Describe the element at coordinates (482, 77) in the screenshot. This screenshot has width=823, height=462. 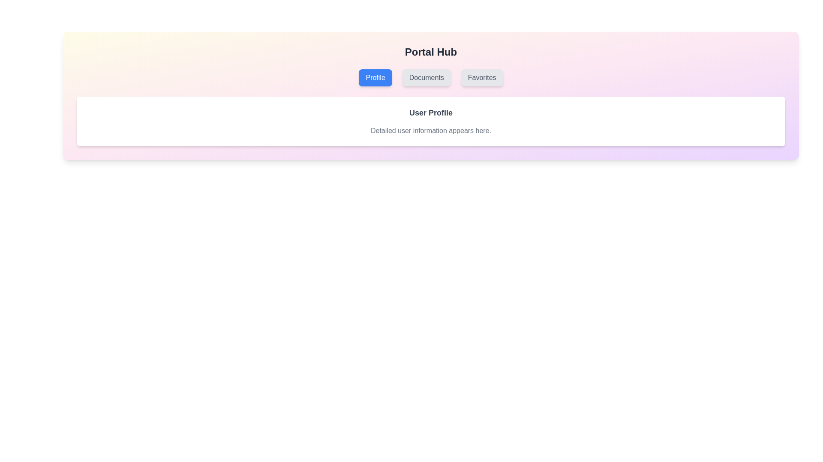
I see `the 'Favorites' button, which is the third button in a row of three buttons located below the 'Portal Hub' heading` at that location.